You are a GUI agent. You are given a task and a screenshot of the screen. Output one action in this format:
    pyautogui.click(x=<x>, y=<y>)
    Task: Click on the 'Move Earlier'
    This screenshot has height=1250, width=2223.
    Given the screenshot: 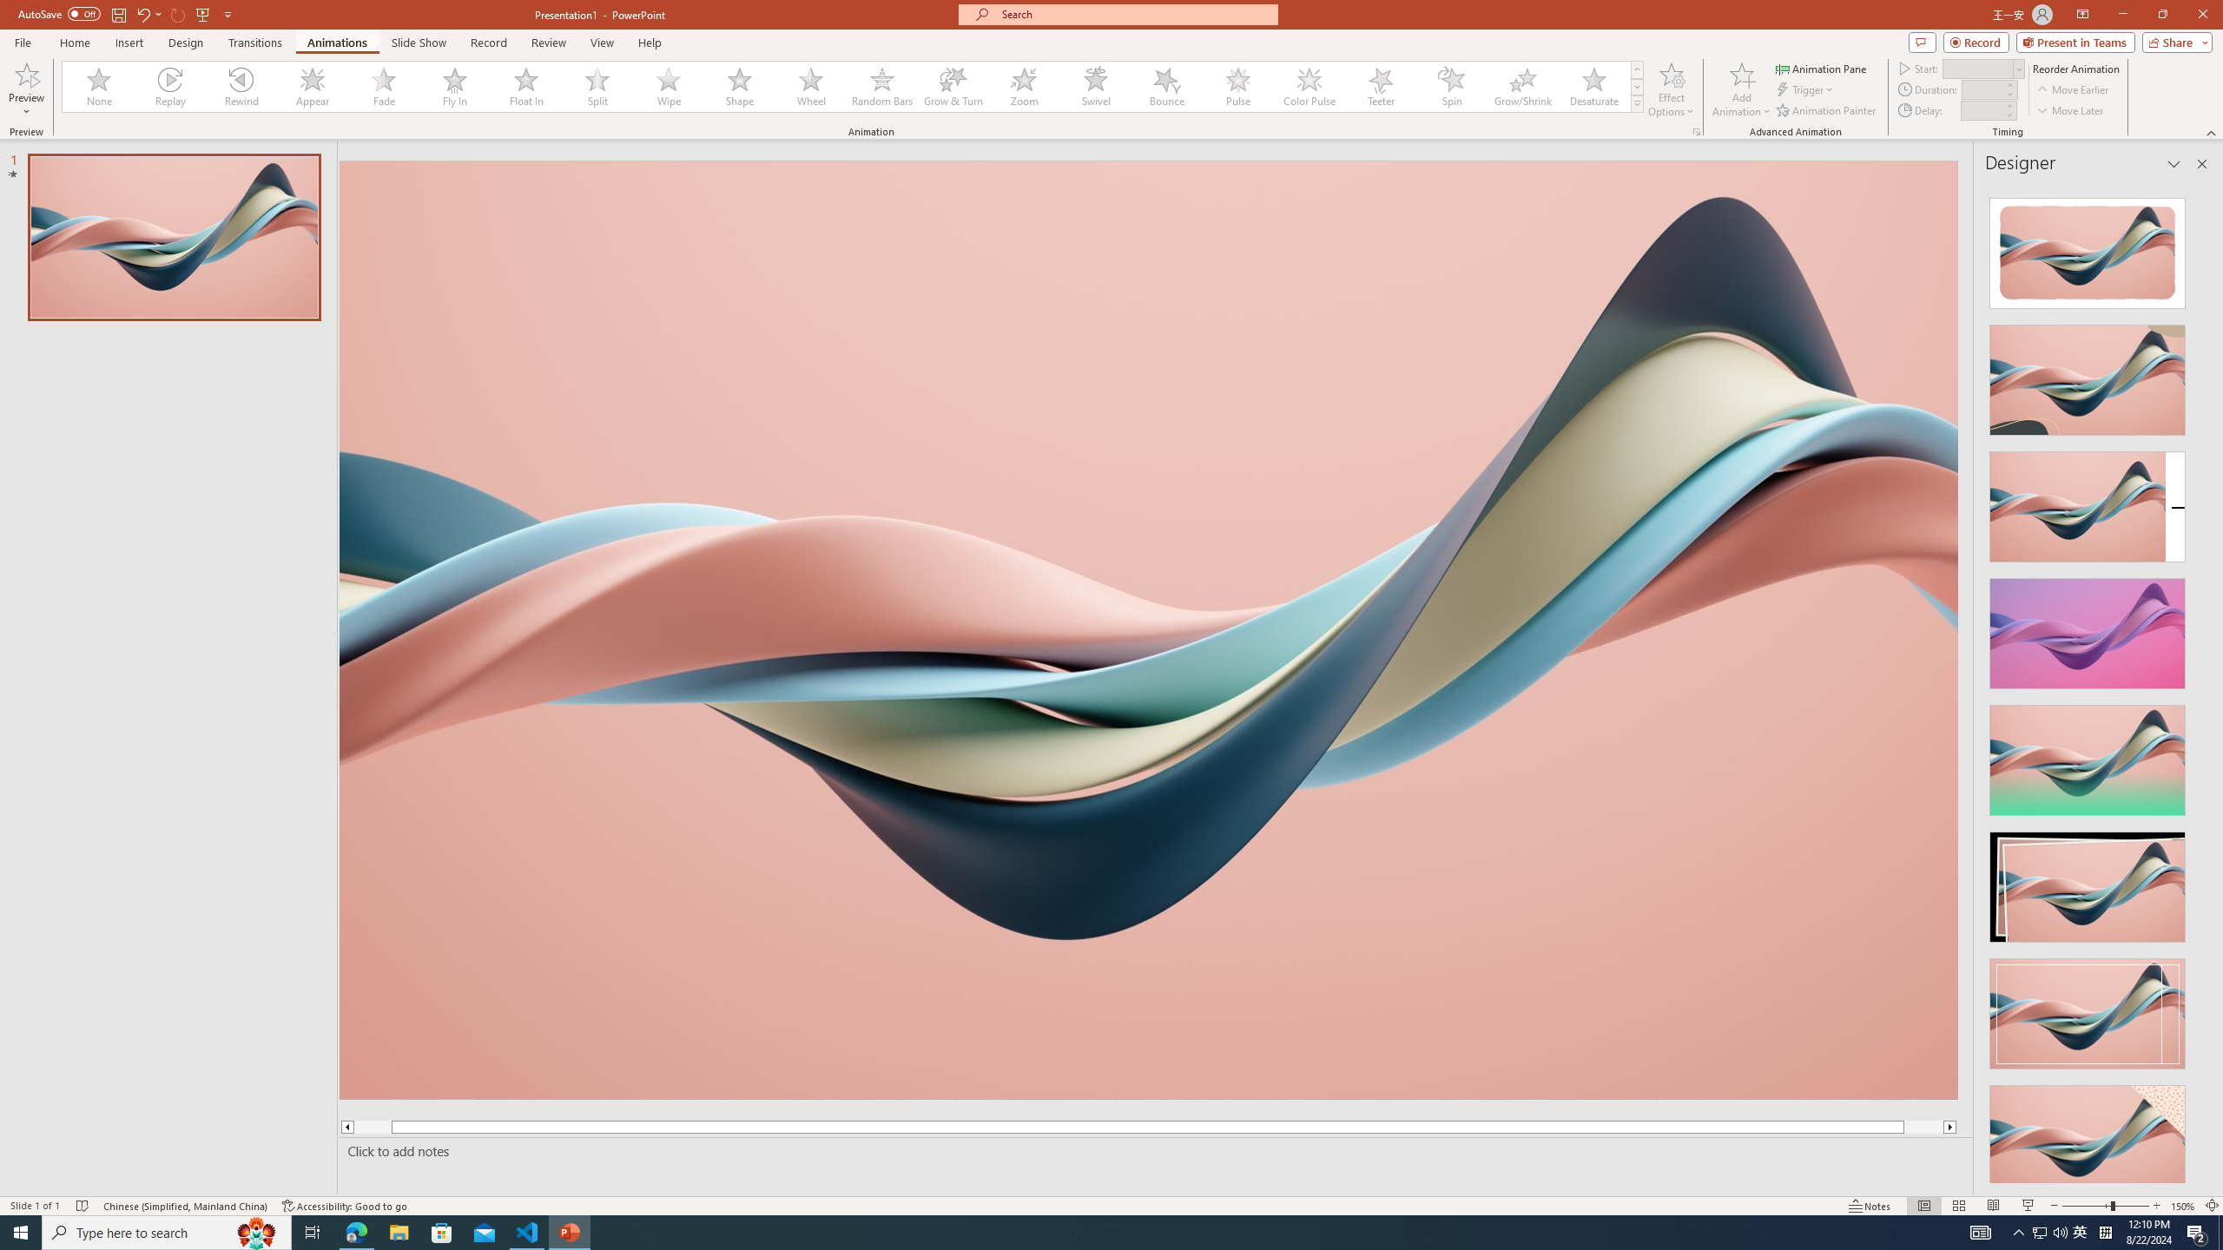 What is the action you would take?
    pyautogui.click(x=2072, y=89)
    